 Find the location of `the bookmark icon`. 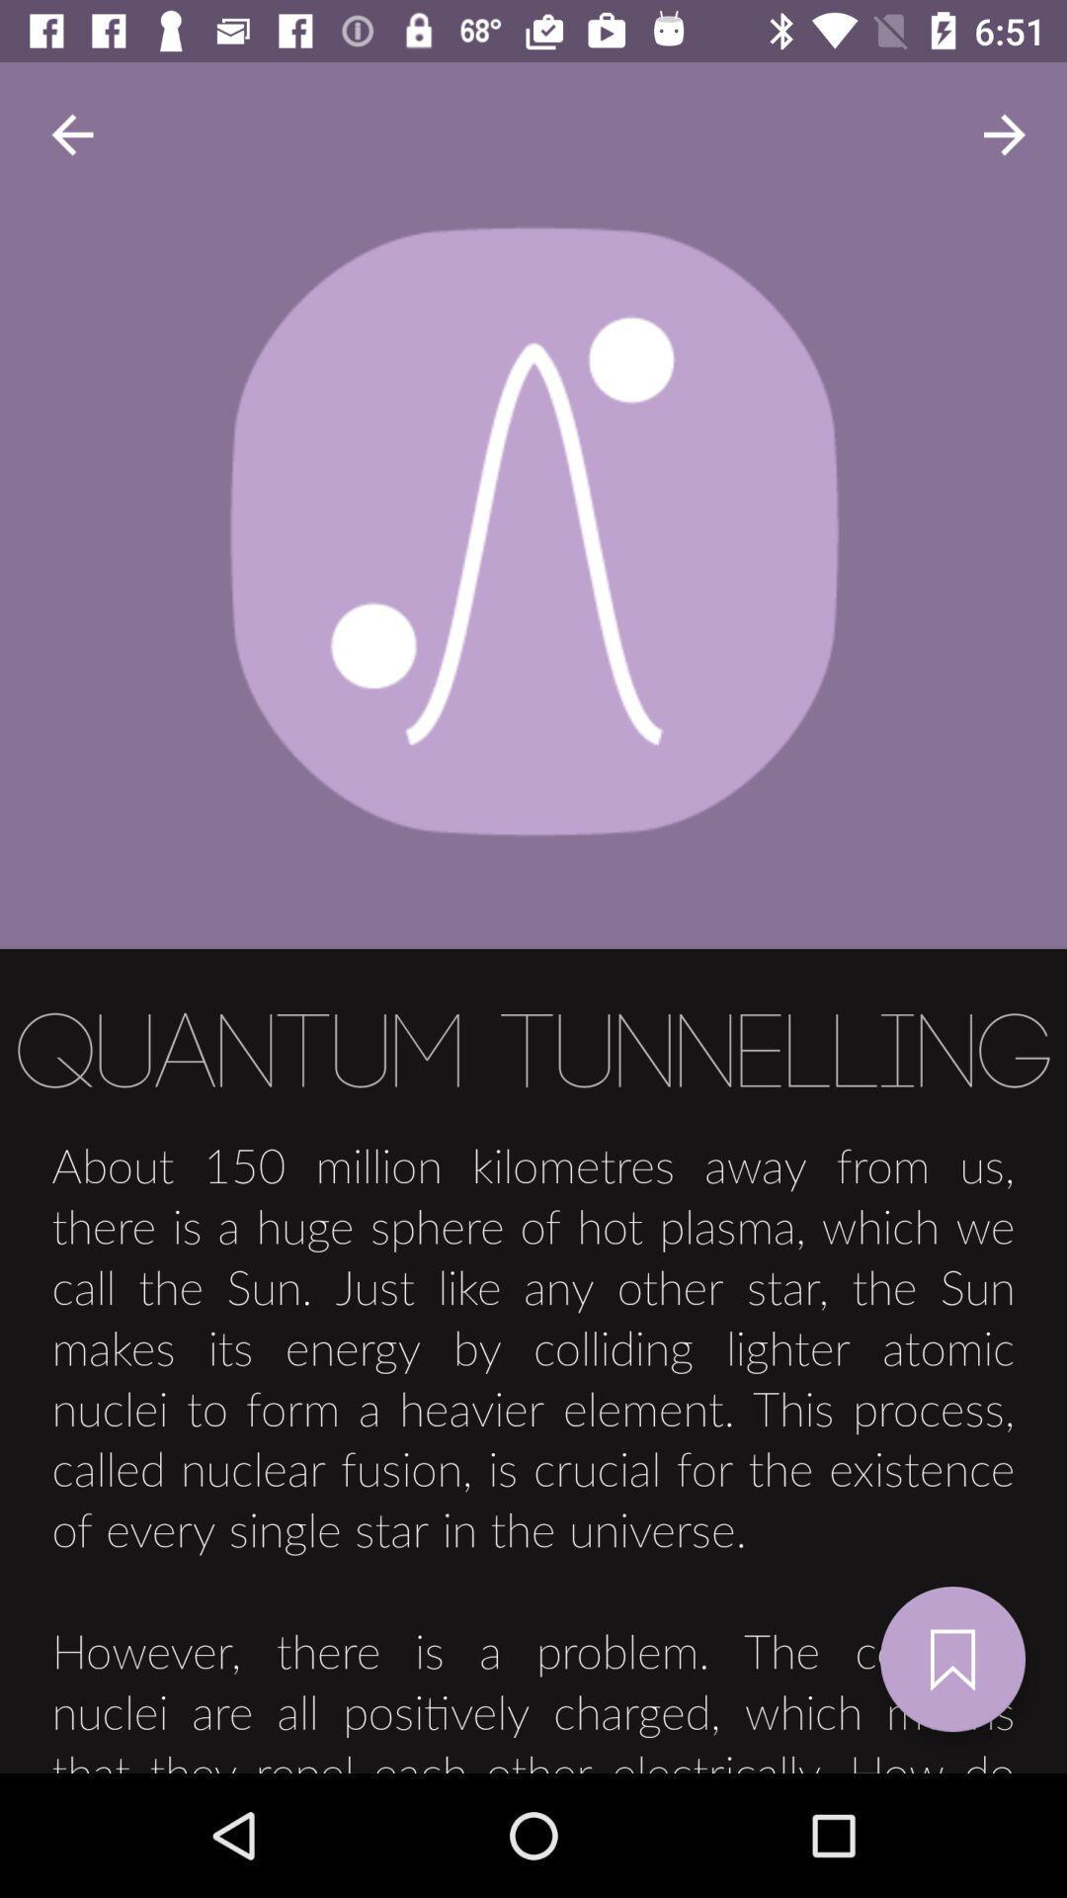

the bookmark icon is located at coordinates (951, 1659).